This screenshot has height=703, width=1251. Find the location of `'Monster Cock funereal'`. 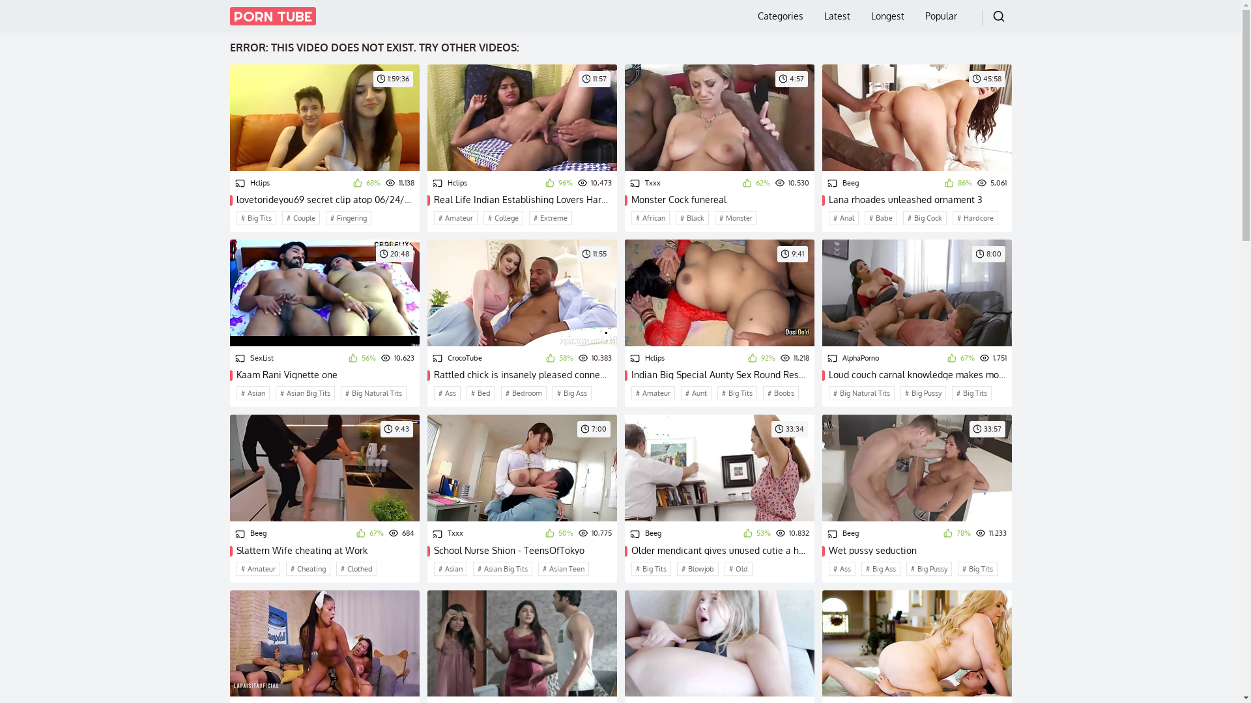

'Monster Cock funereal' is located at coordinates (718, 200).